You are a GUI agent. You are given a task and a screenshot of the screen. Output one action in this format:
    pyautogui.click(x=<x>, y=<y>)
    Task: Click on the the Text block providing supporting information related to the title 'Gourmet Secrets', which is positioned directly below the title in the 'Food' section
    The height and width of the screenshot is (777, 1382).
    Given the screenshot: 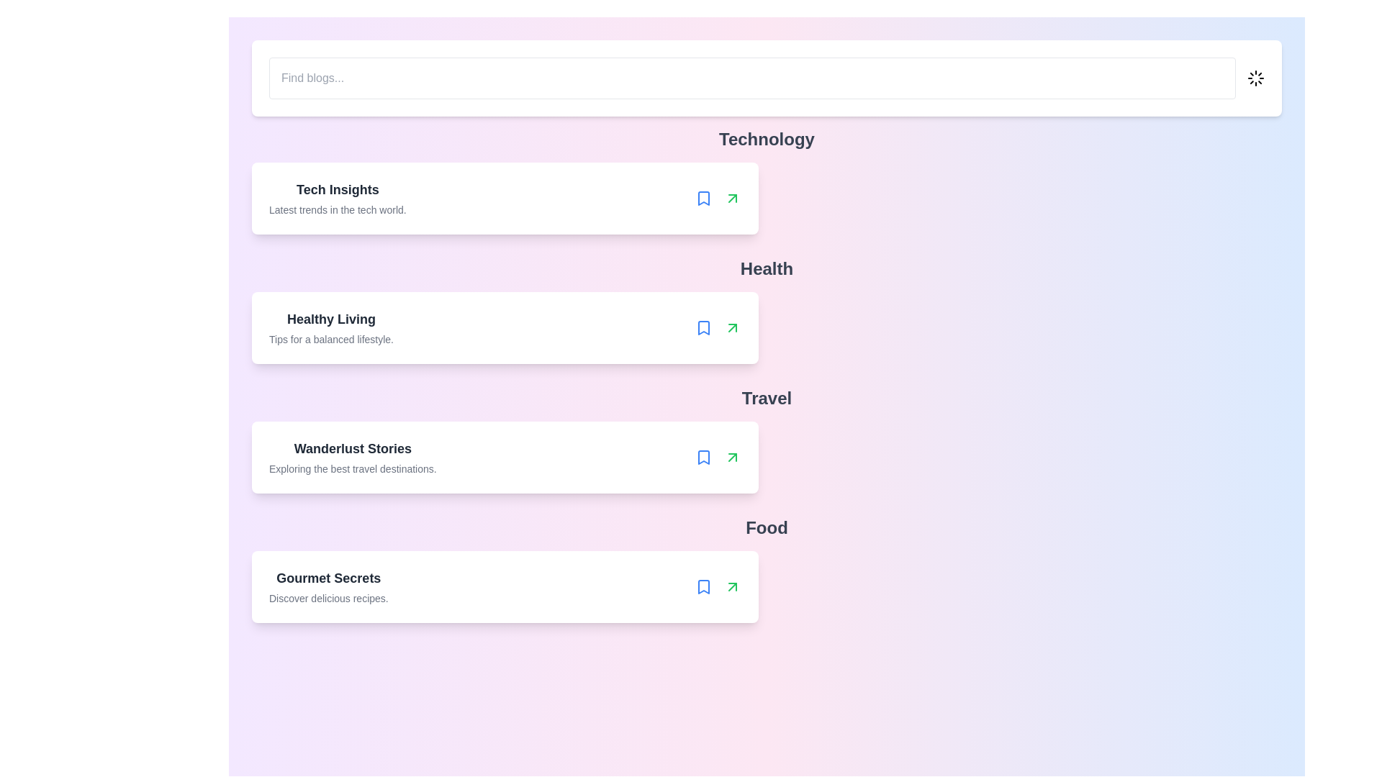 What is the action you would take?
    pyautogui.click(x=328, y=599)
    